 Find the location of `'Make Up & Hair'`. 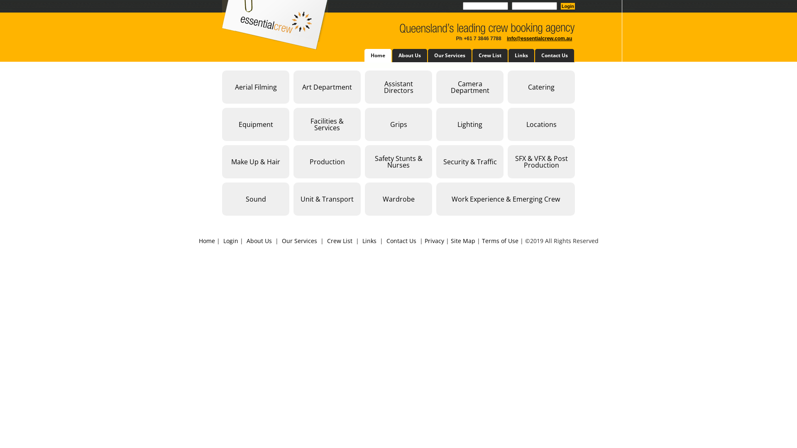

'Make Up & Hair' is located at coordinates (255, 161).